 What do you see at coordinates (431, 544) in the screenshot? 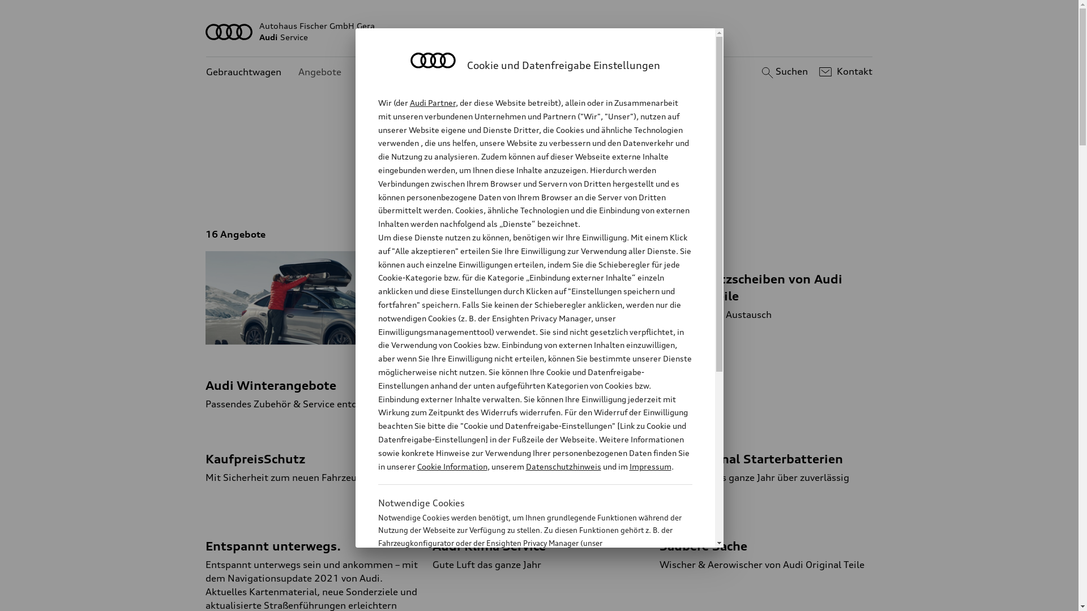
I see `'Audi Klima Service` at bounding box center [431, 544].